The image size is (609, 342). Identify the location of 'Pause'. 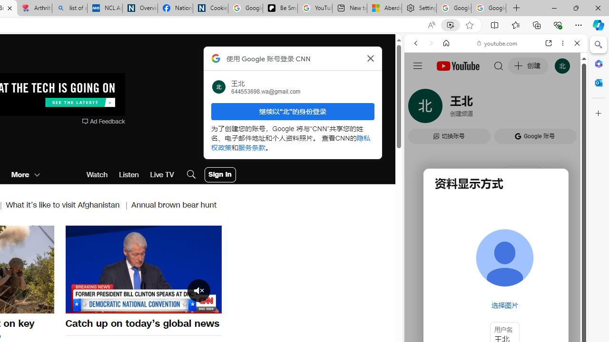
(143, 269).